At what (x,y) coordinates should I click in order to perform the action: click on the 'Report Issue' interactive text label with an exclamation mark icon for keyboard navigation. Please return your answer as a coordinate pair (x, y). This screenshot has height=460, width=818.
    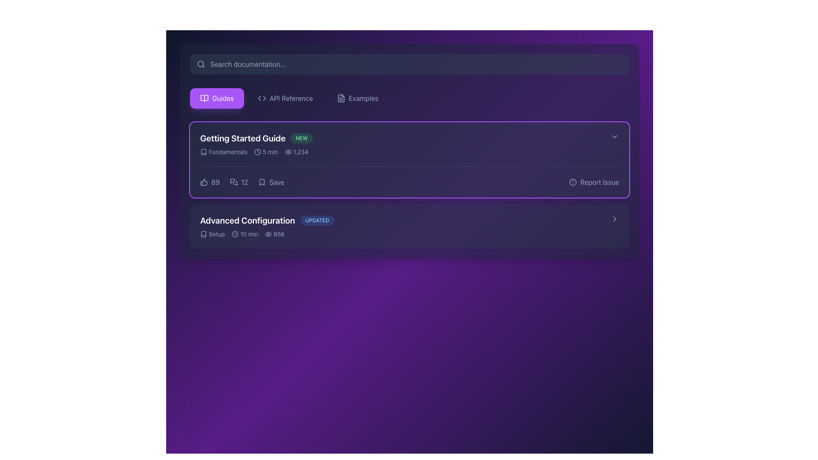
    Looking at the image, I should click on (593, 182).